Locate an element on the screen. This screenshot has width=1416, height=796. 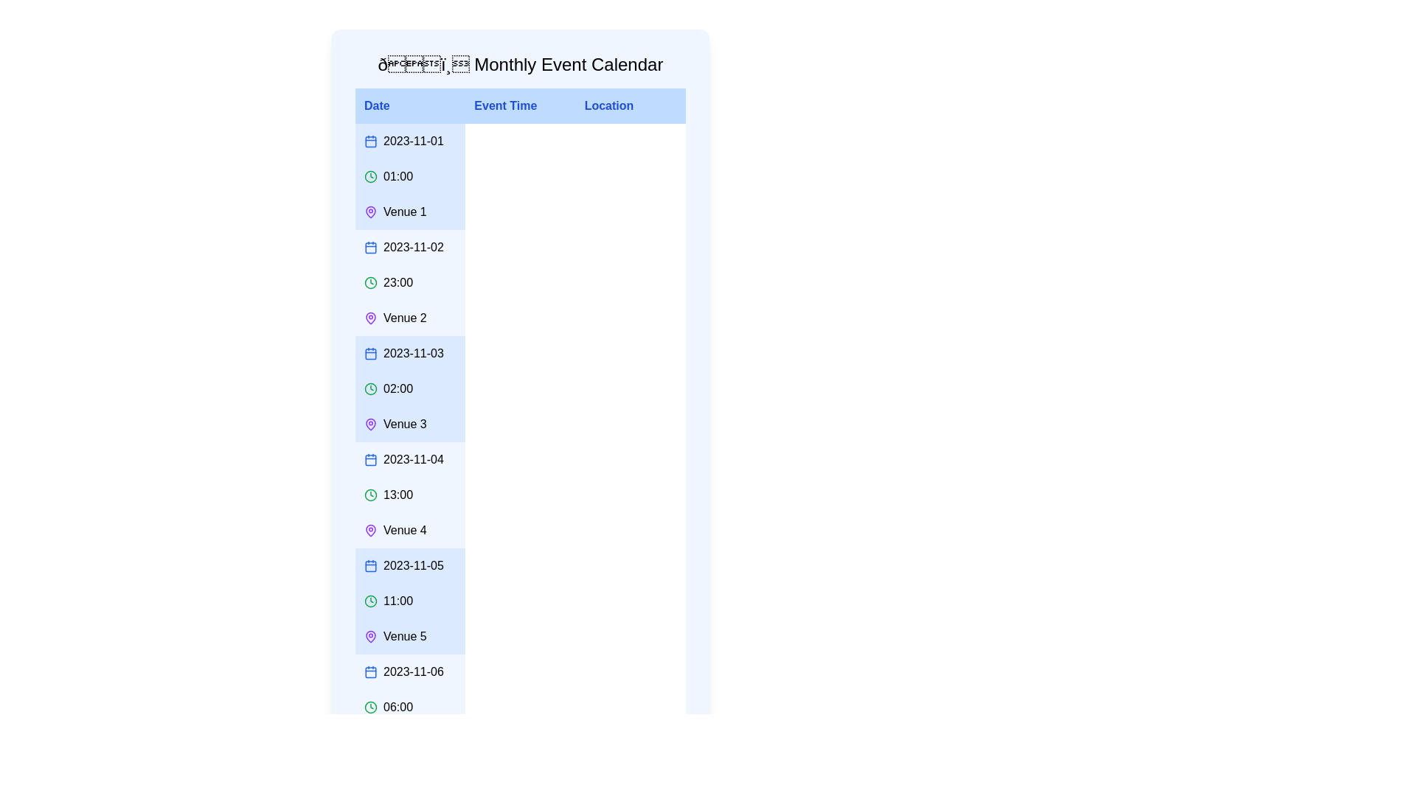
the row corresponding to the event on 2023-11-03 is located at coordinates (520, 388).